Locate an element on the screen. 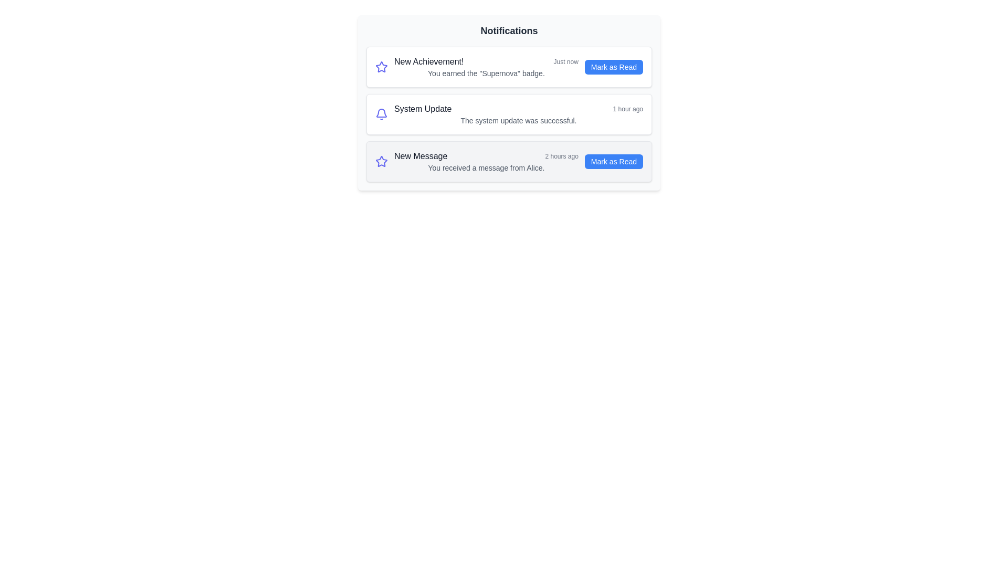  the 'Mark as Read' button with a blue background and white text, located on the far-right side of the 'New Achievement!' notification to mark it as read is located at coordinates (614, 67).